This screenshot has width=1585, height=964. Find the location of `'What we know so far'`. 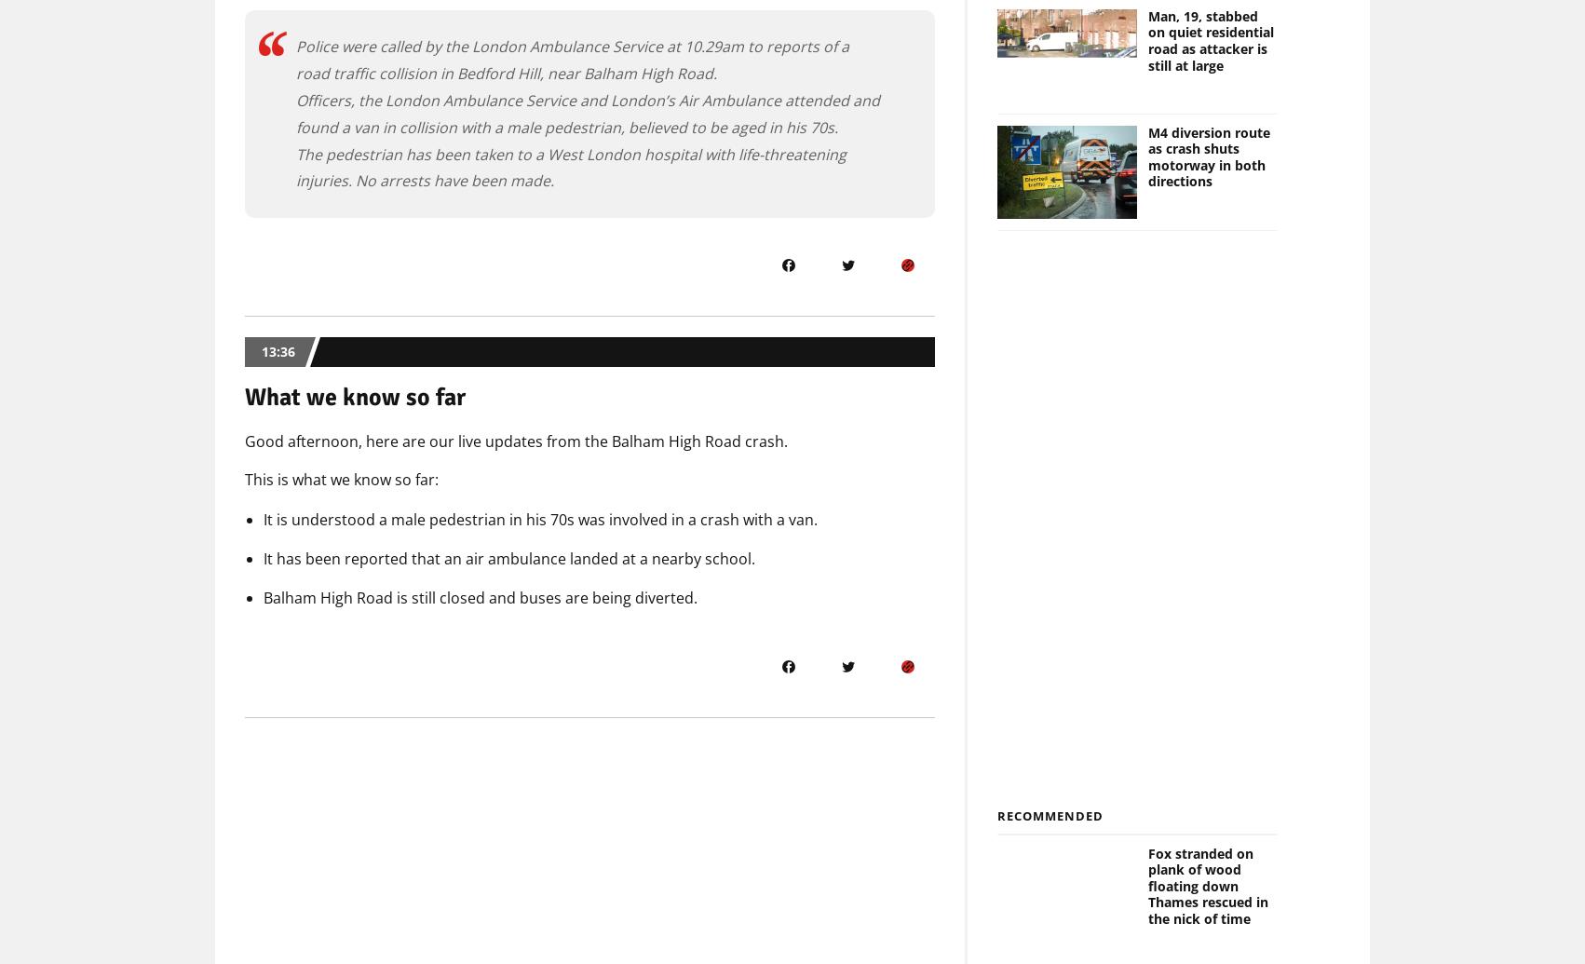

'What we know so far' is located at coordinates (355, 398).